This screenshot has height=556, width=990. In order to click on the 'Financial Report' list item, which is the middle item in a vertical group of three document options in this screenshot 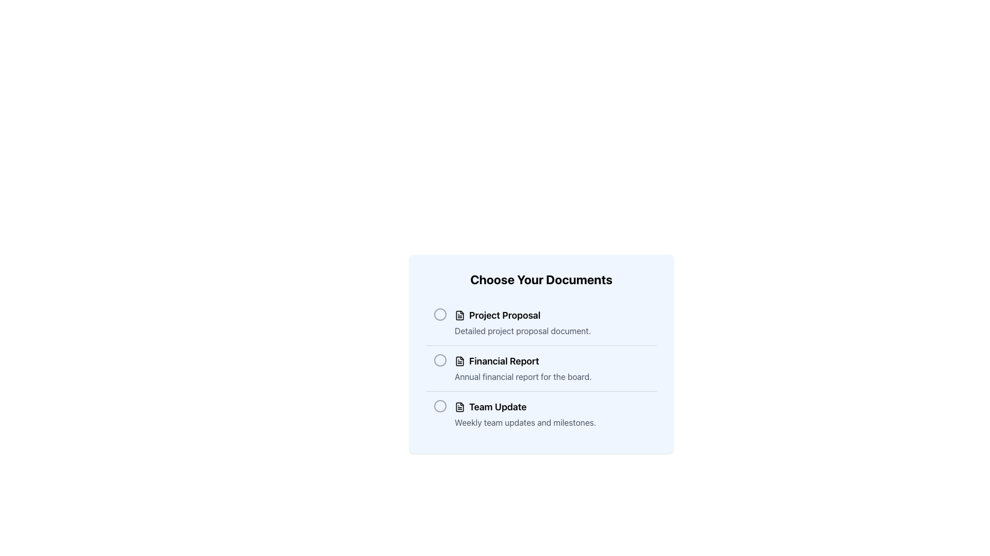, I will do `click(541, 368)`.